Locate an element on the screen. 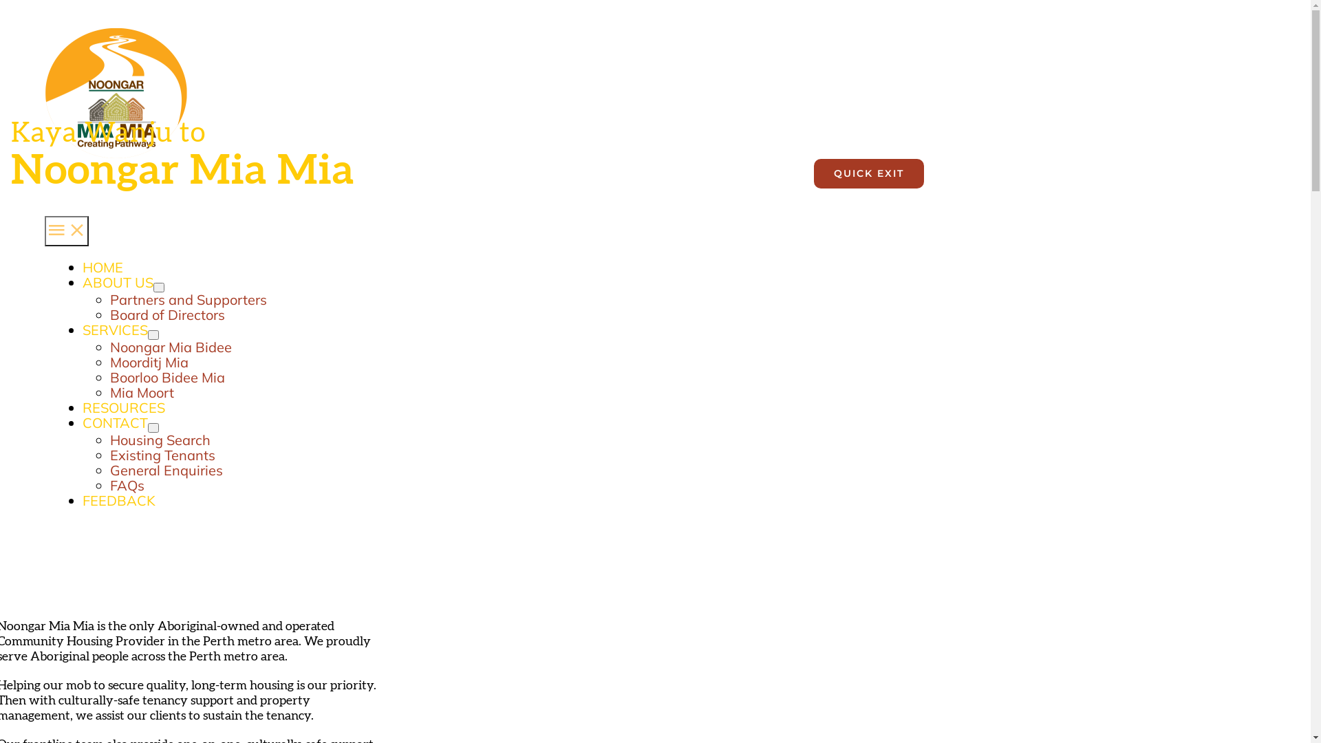 The width and height of the screenshot is (1321, 743). 'Housing Search' is located at coordinates (160, 440).